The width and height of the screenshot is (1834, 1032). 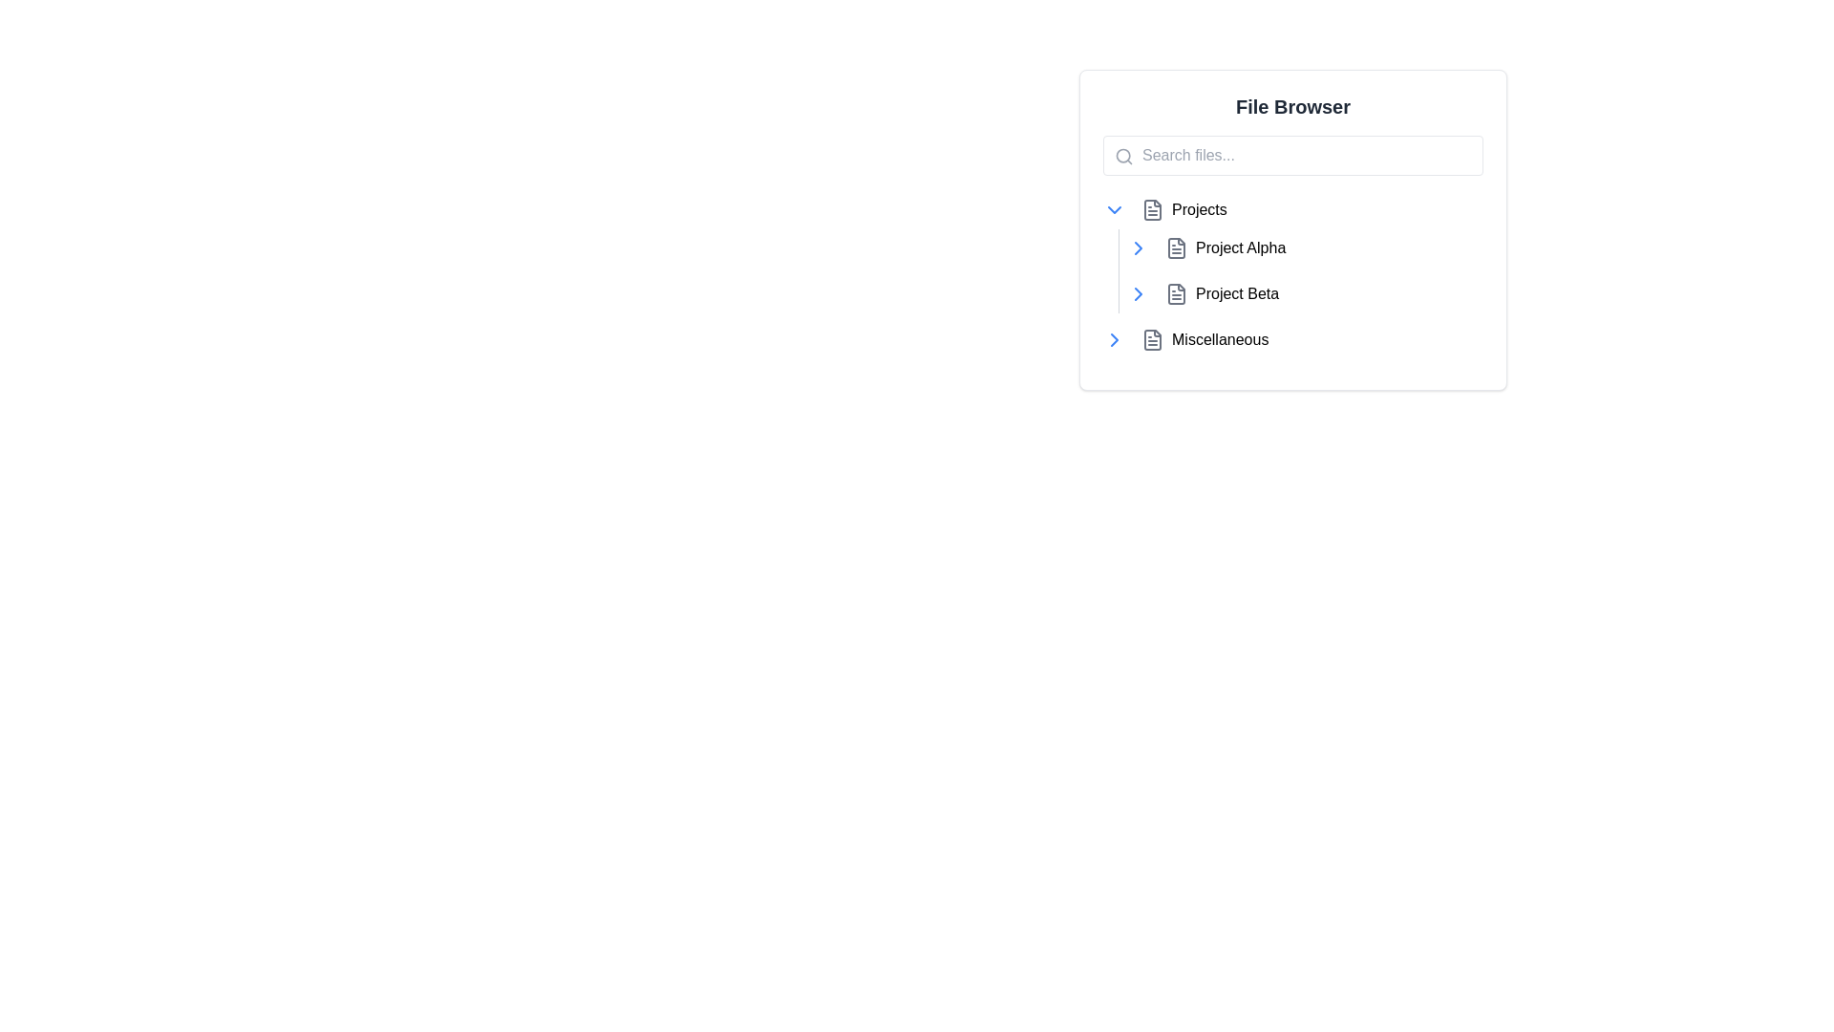 I want to click on the 'Project Beta' button, which is a rounded button with a file icon on its left, located below the 'Project Alpha' button in the file tree structure, so click(x=1220, y=294).